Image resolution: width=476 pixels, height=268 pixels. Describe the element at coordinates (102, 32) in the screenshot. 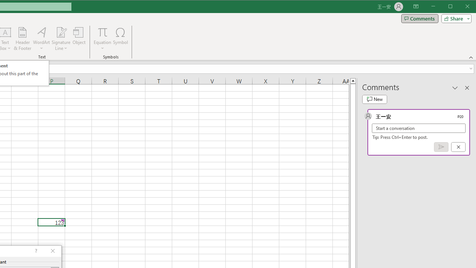

I see `'Equation'` at that location.